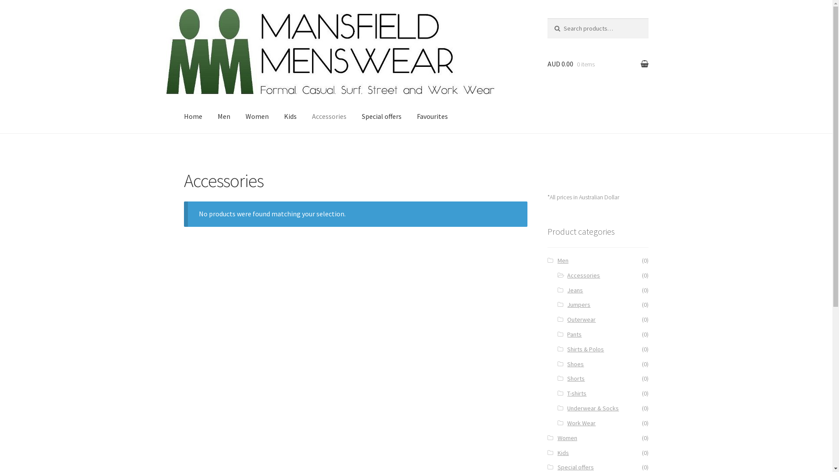  Describe the element at coordinates (567, 408) in the screenshot. I see `'Underwear & Socks'` at that location.